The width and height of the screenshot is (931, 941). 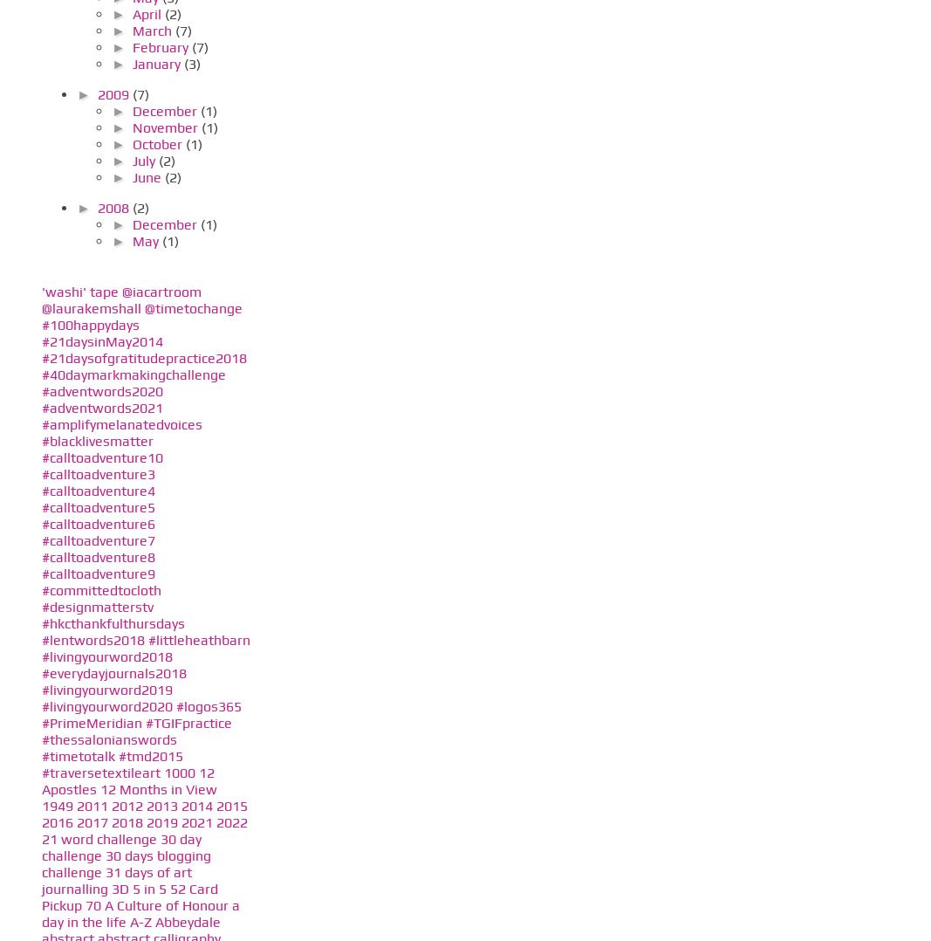 What do you see at coordinates (99, 789) in the screenshot?
I see `'12 Months in View'` at bounding box center [99, 789].